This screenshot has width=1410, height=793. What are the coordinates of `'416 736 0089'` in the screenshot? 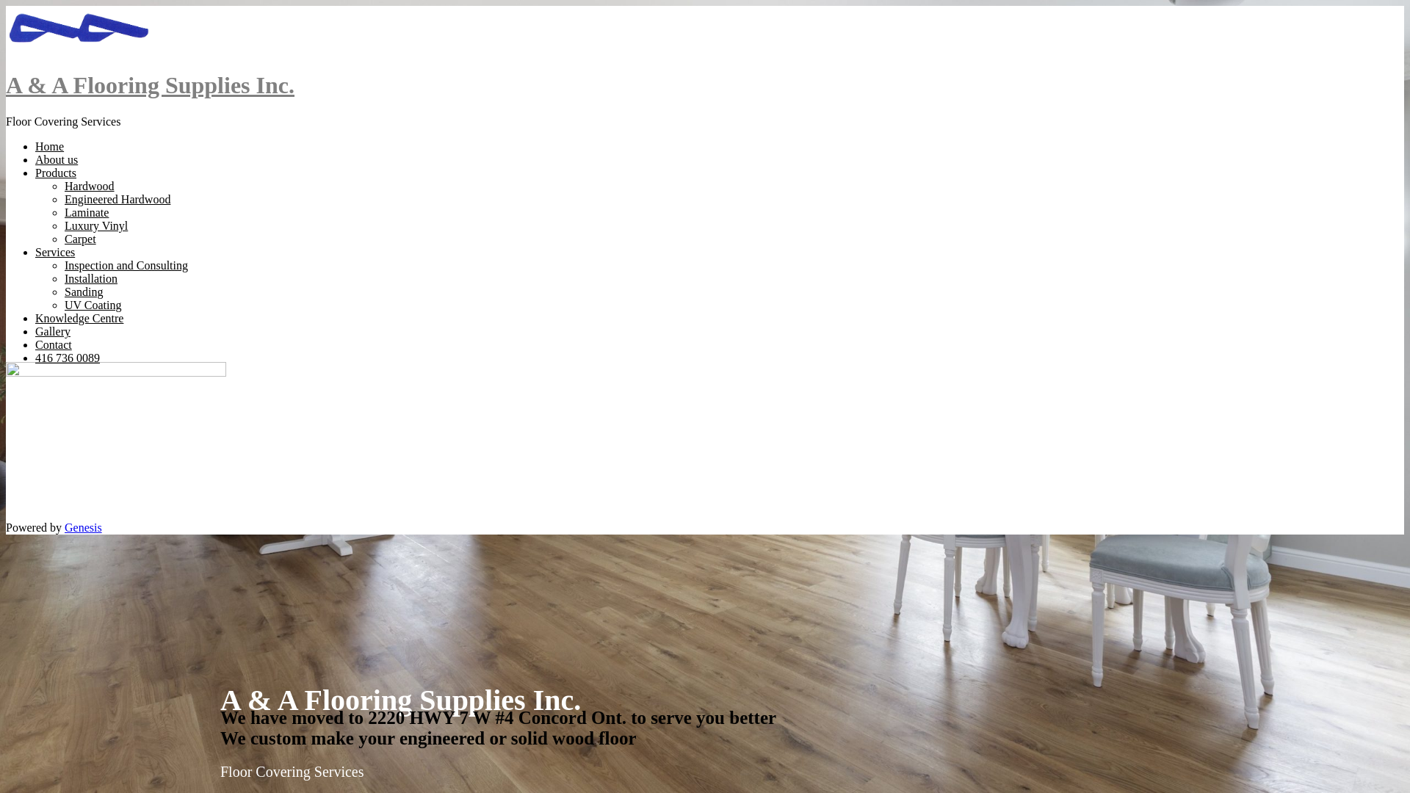 It's located at (66, 358).